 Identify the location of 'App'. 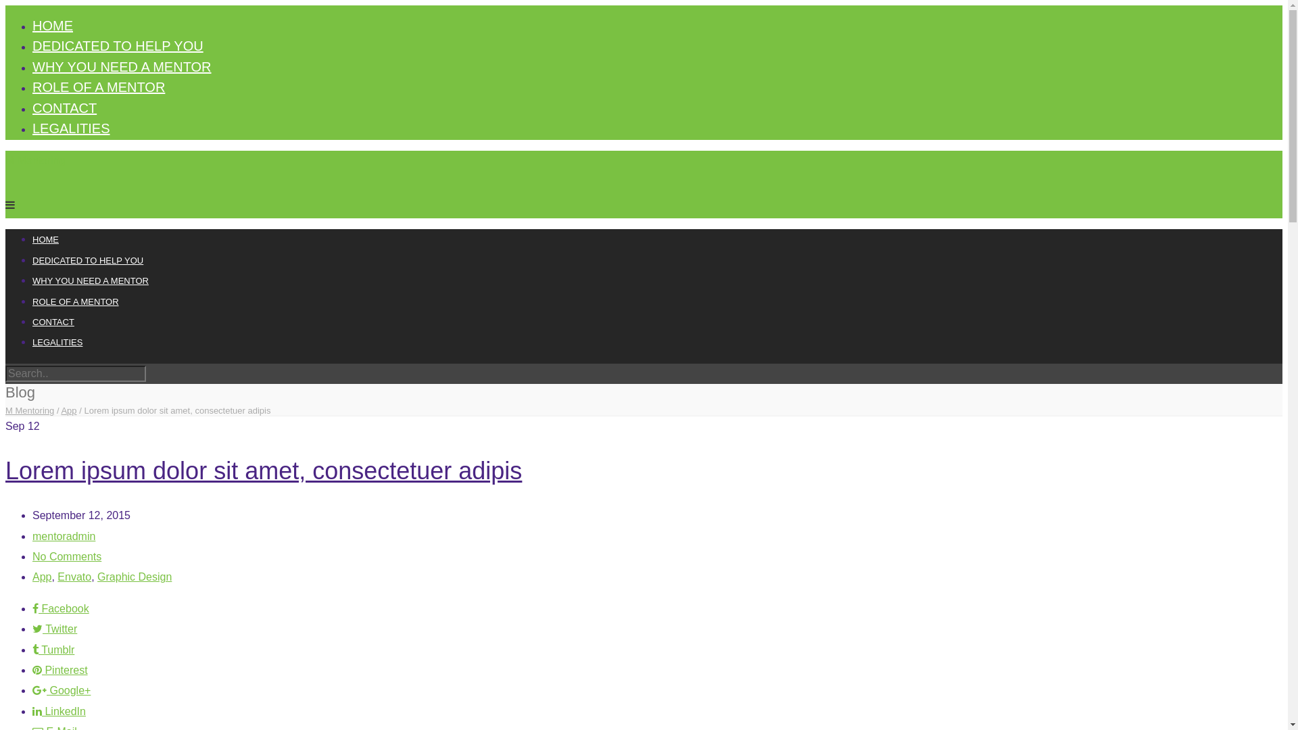
(68, 410).